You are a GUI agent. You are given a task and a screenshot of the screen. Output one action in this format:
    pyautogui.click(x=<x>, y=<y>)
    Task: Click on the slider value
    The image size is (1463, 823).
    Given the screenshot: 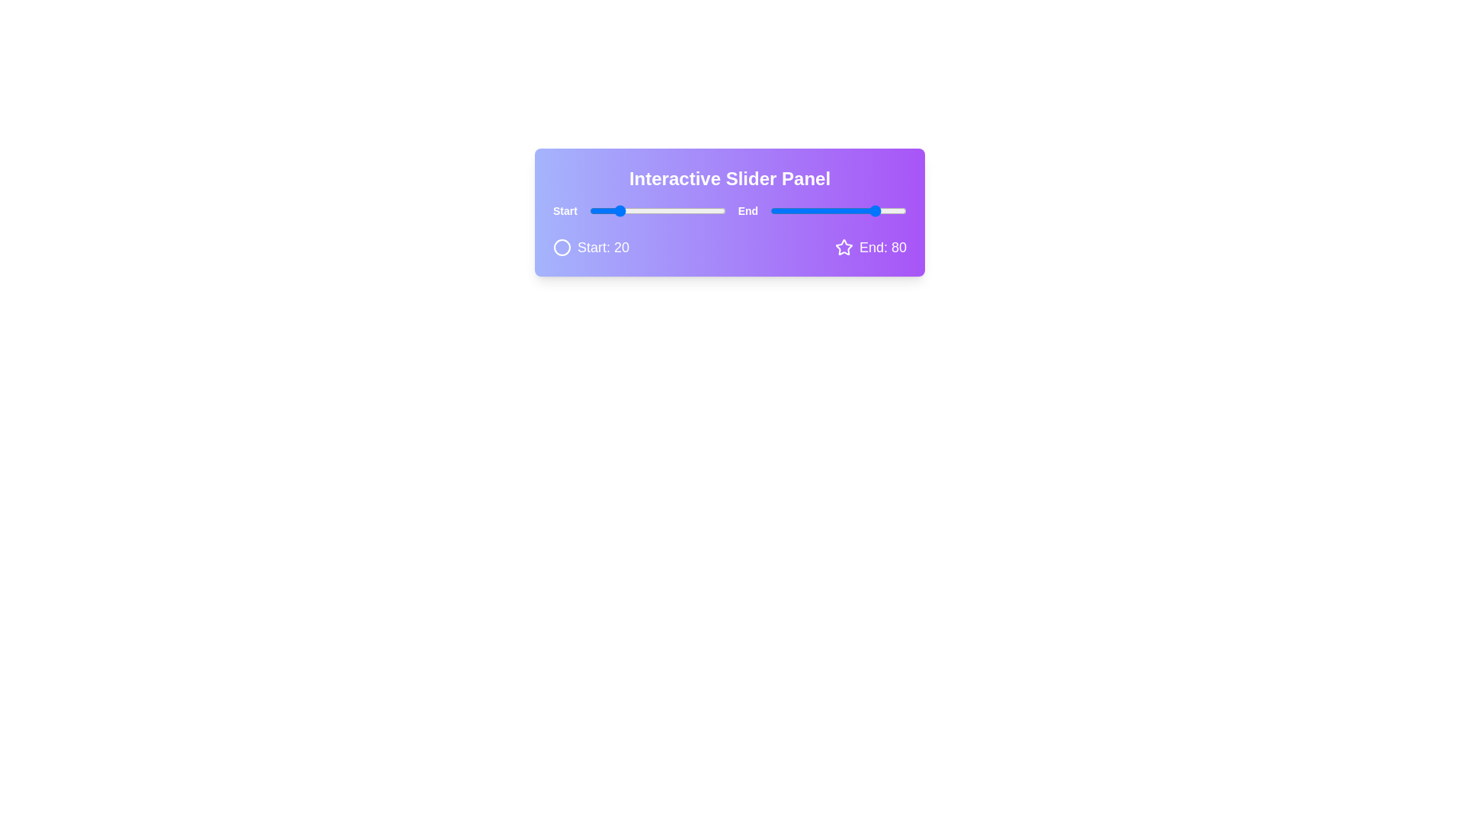 What is the action you would take?
    pyautogui.click(x=715, y=211)
    